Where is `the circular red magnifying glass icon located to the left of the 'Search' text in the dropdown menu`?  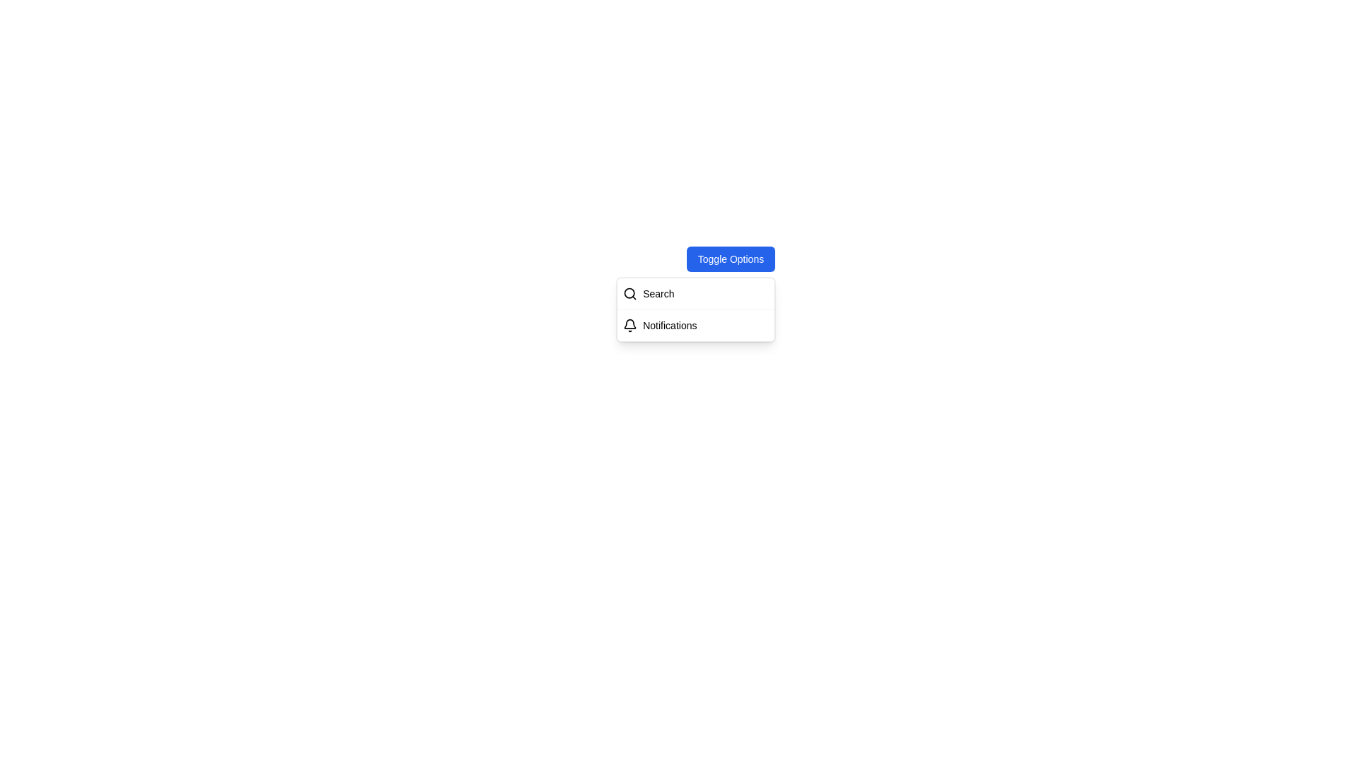 the circular red magnifying glass icon located to the left of the 'Search' text in the dropdown menu is located at coordinates (629, 292).